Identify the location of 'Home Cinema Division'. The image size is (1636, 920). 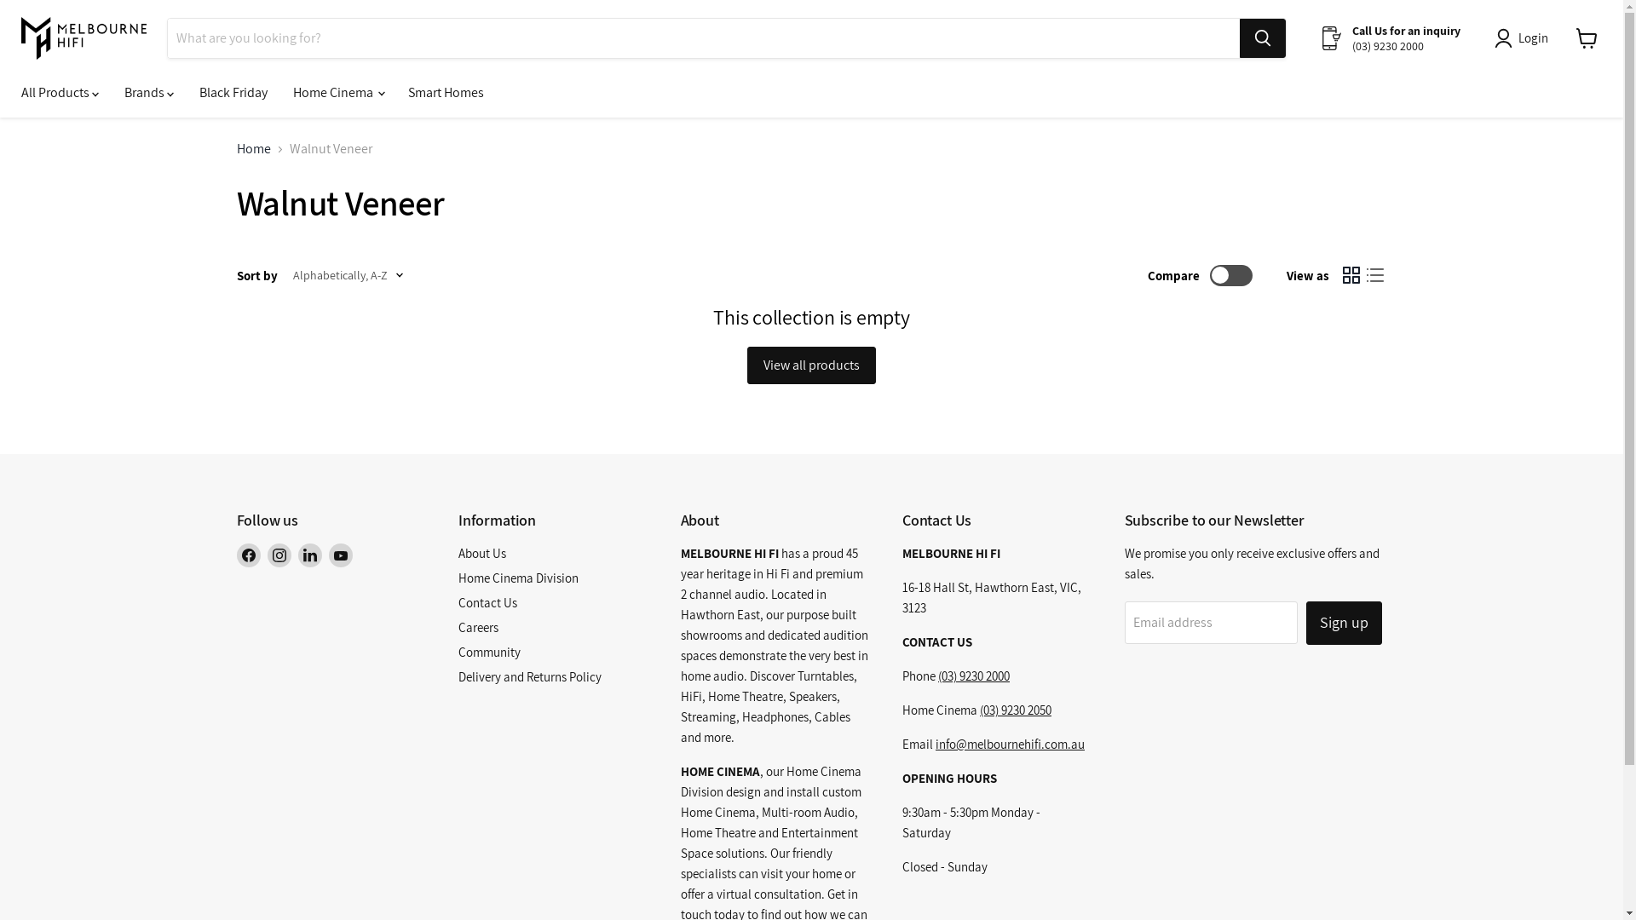
(517, 577).